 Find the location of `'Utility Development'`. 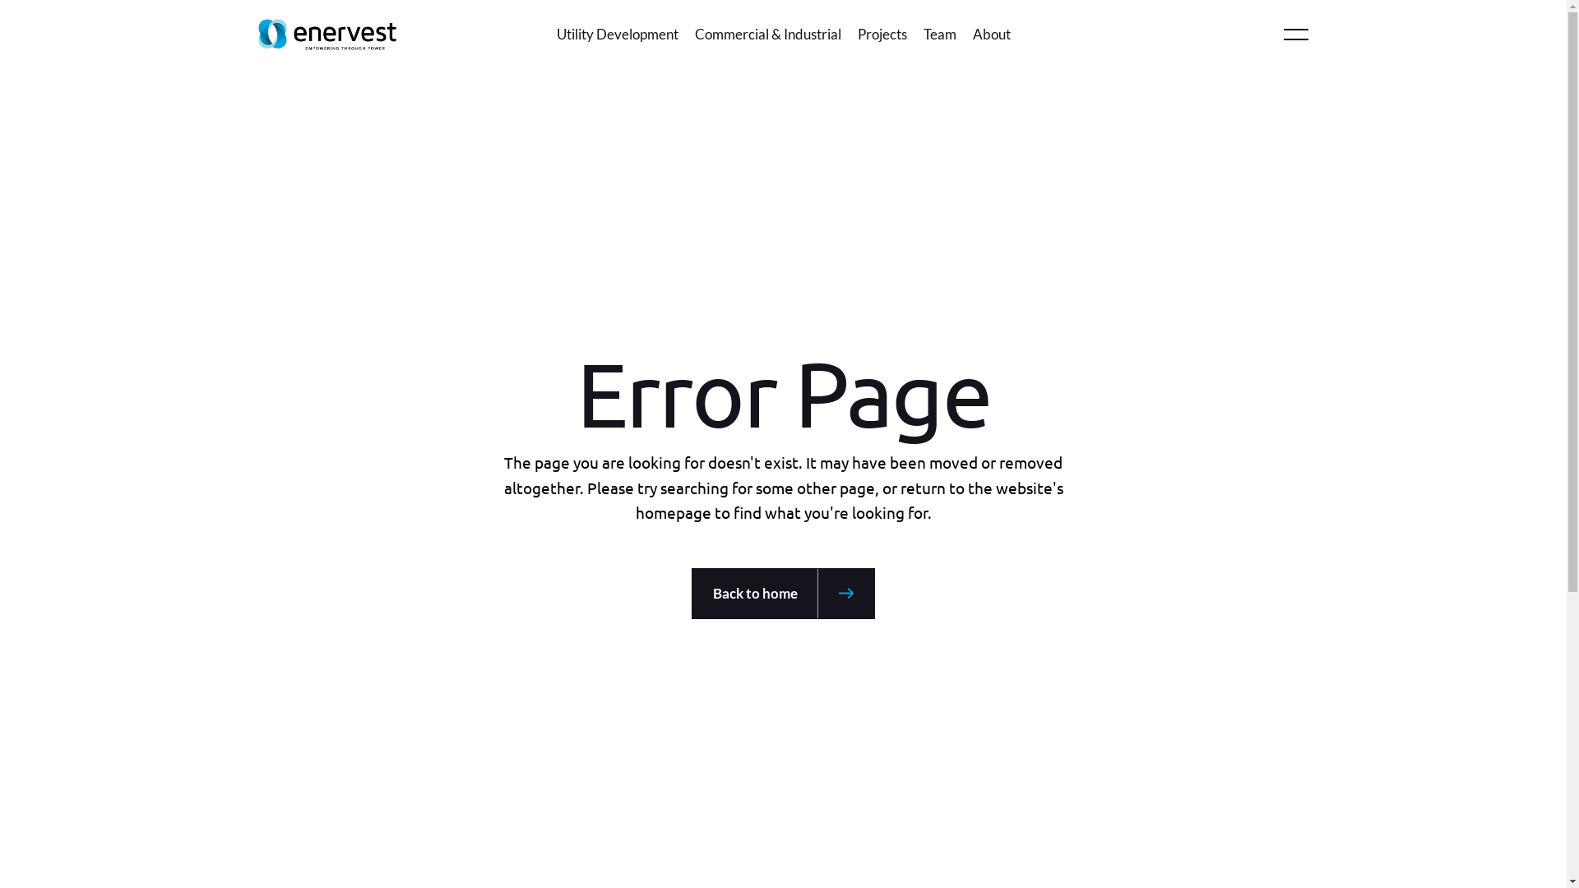

'Utility Development' is located at coordinates (556, 35).